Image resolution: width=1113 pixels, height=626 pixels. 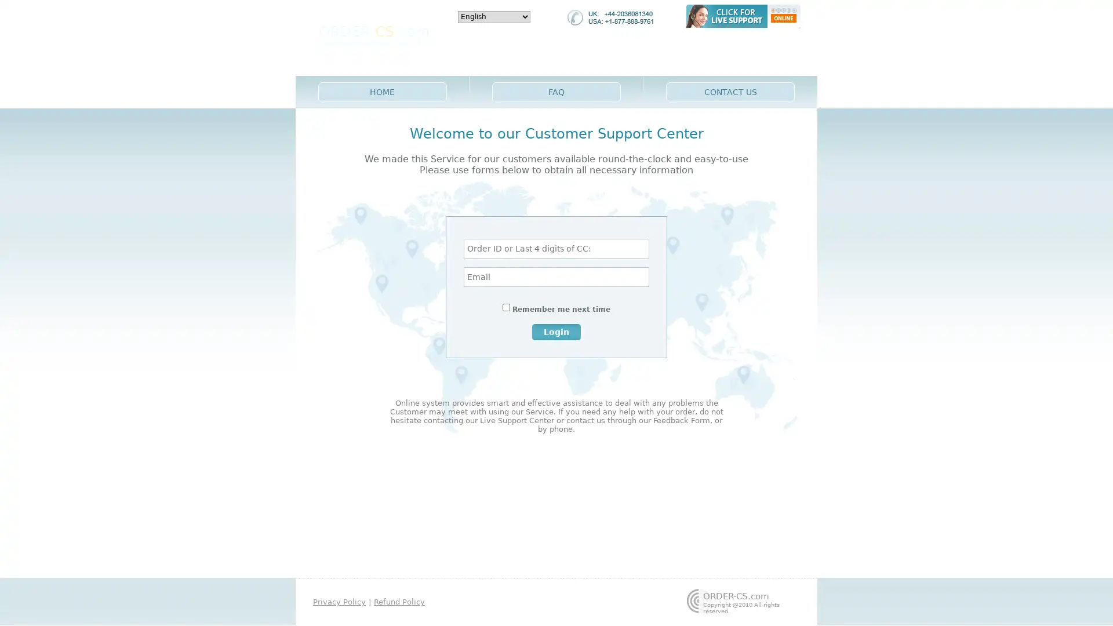 I want to click on Login, so click(x=556, y=331).